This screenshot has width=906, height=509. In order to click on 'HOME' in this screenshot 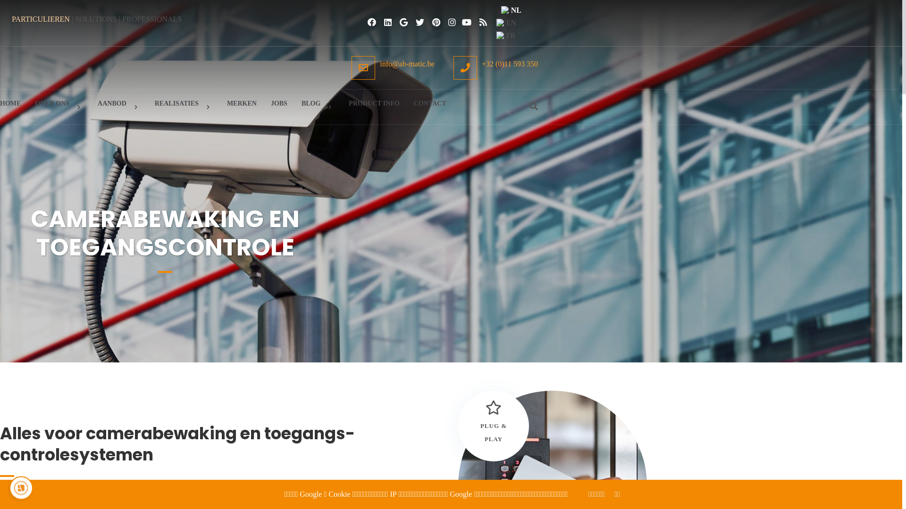, I will do `click(10, 103)`.